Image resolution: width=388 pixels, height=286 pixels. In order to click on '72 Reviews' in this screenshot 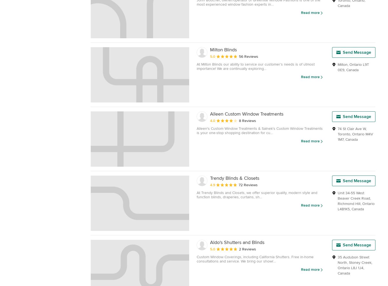, I will do `click(238, 184)`.